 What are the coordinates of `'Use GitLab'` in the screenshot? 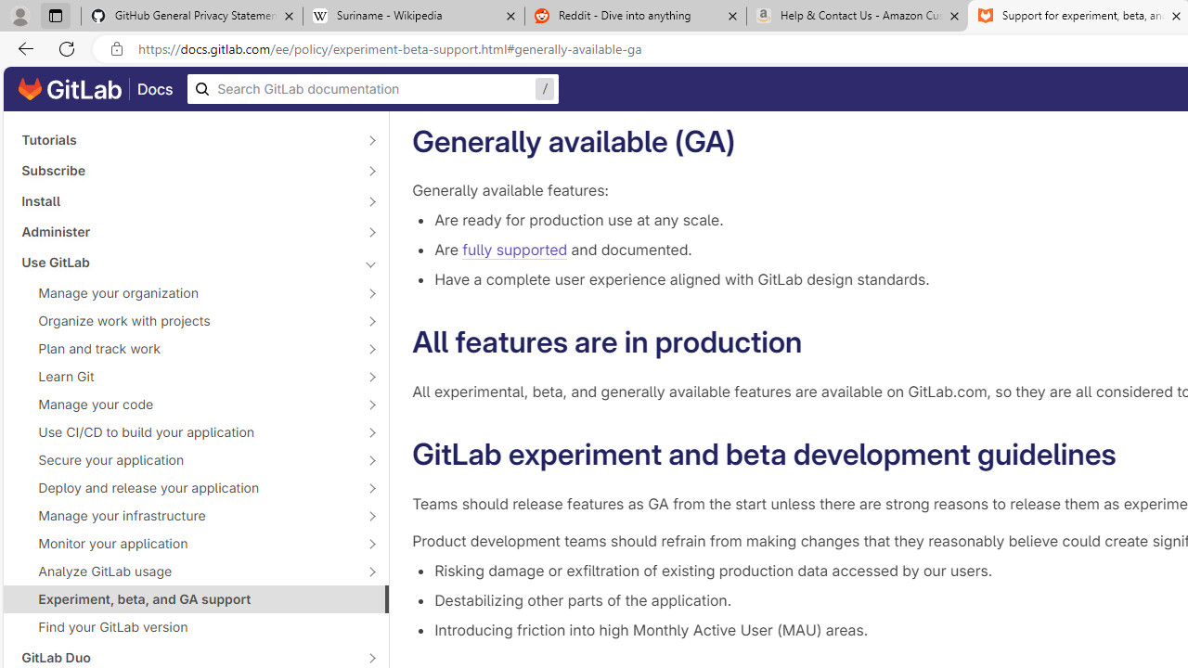 It's located at (186, 262).